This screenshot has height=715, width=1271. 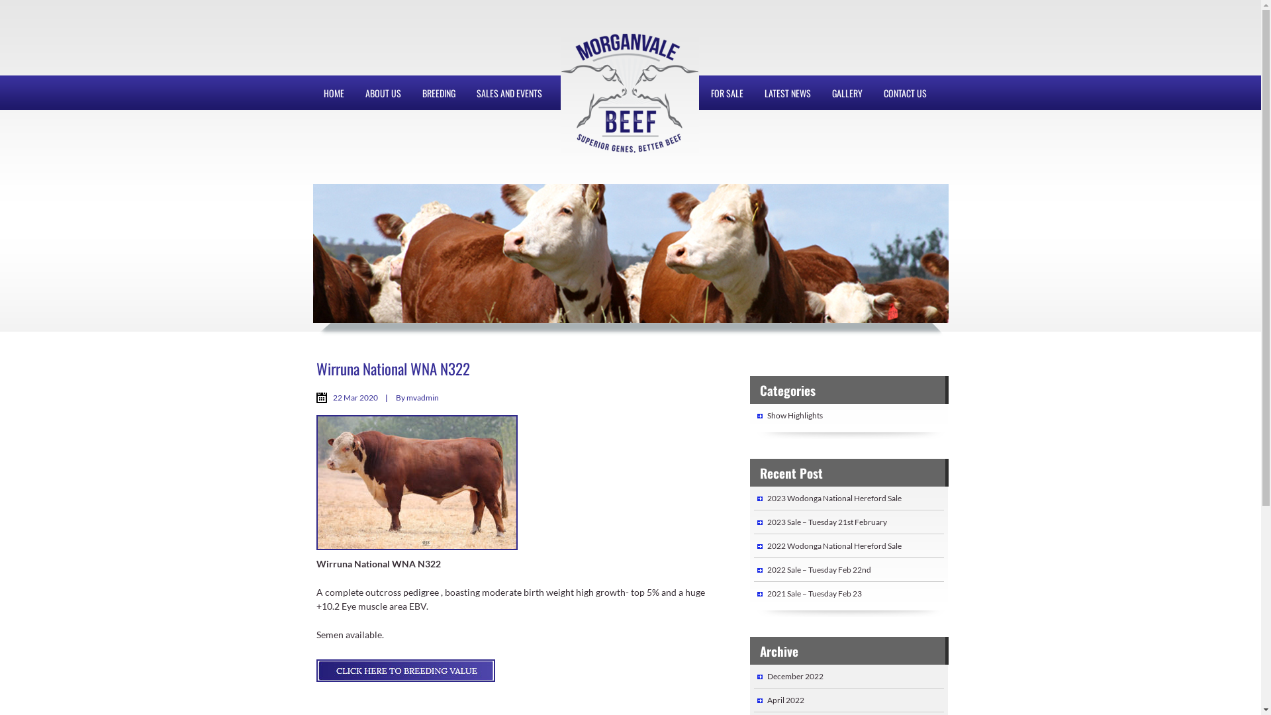 What do you see at coordinates (794, 676) in the screenshot?
I see `'December 2022'` at bounding box center [794, 676].